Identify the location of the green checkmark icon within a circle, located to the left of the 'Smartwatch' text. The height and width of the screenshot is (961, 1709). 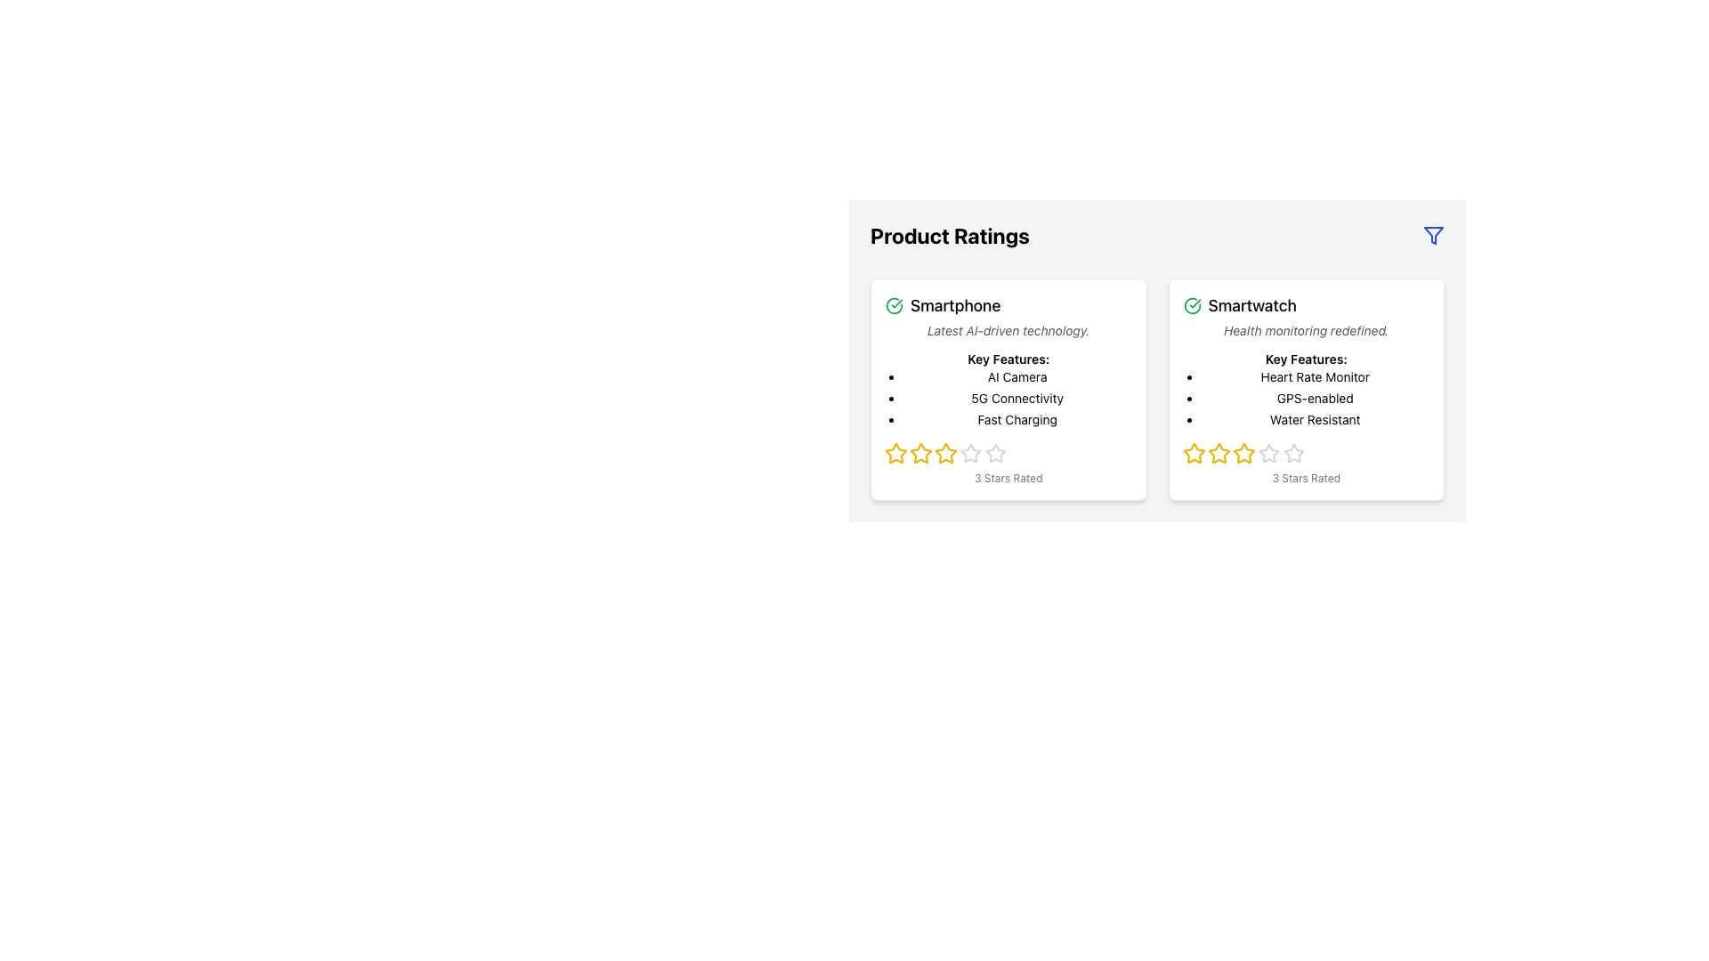
(1192, 304).